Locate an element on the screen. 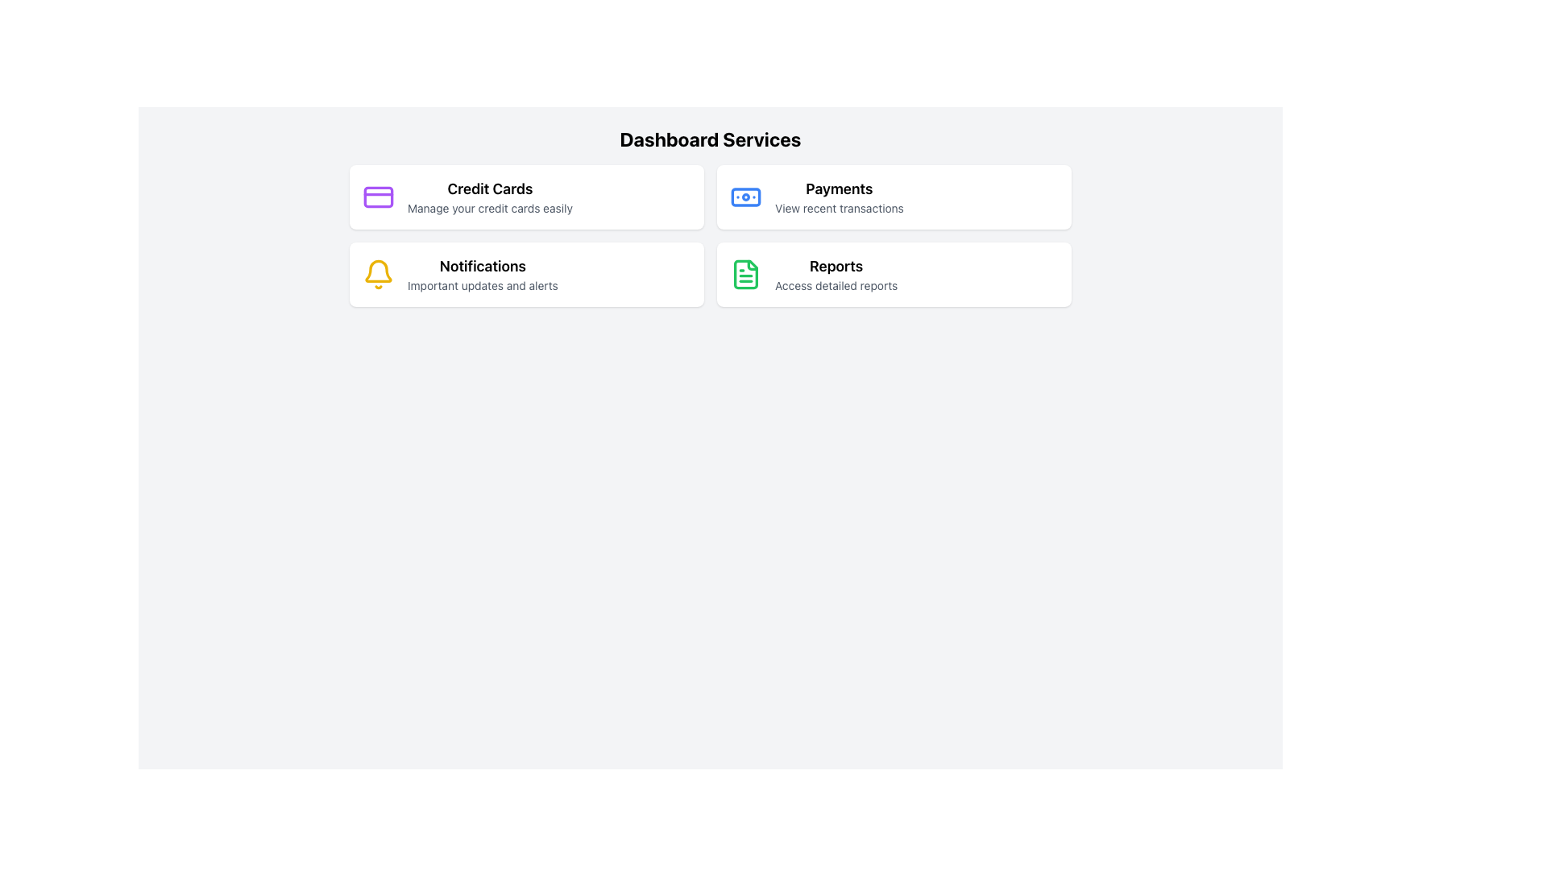 The image size is (1547, 870). the Text Block that displays 'Notifications' and 'Important updates and alerts', located below the bell icon in the second column of the dashboard services layout is located at coordinates (482, 273).